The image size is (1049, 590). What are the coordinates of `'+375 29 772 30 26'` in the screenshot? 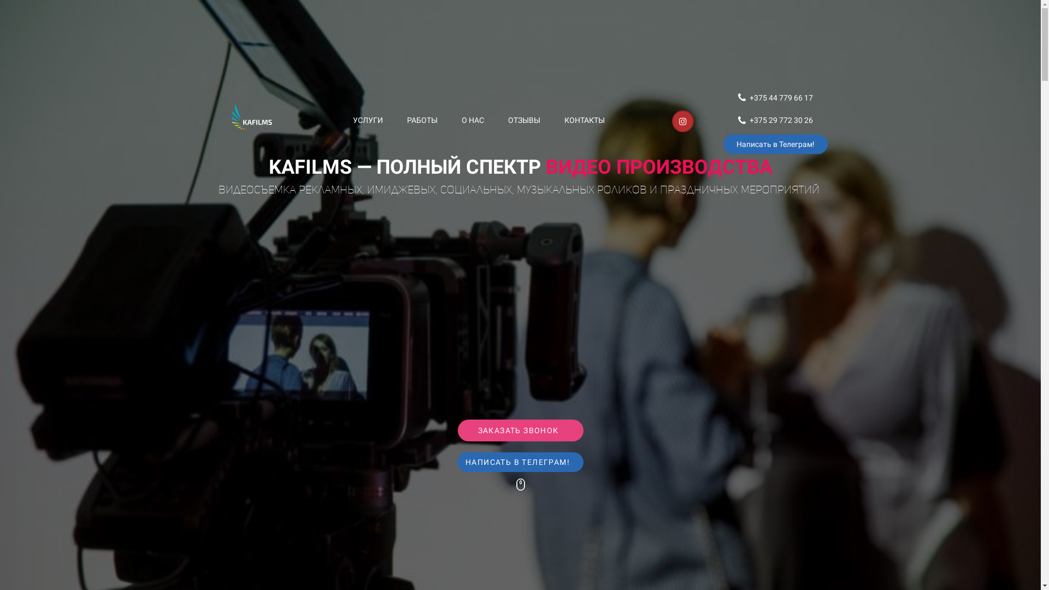 It's located at (738, 120).